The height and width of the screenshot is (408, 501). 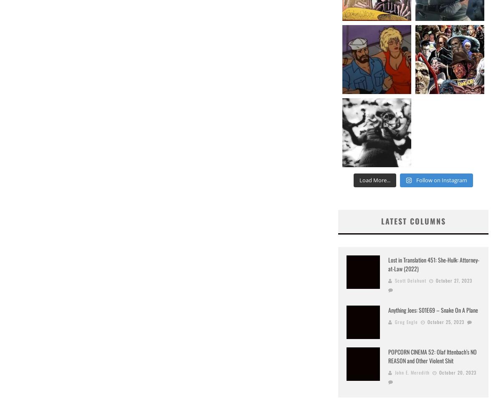 I want to click on 'Scott Delahunt', so click(x=410, y=280).